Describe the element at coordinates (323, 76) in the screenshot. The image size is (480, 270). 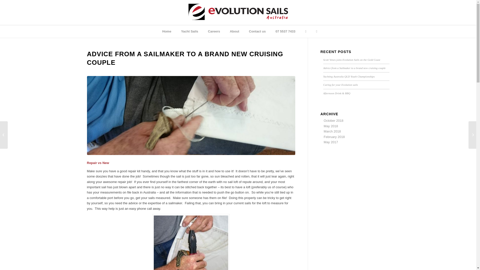
I see `'Yachting Australia QLD Youth Championships'` at that location.